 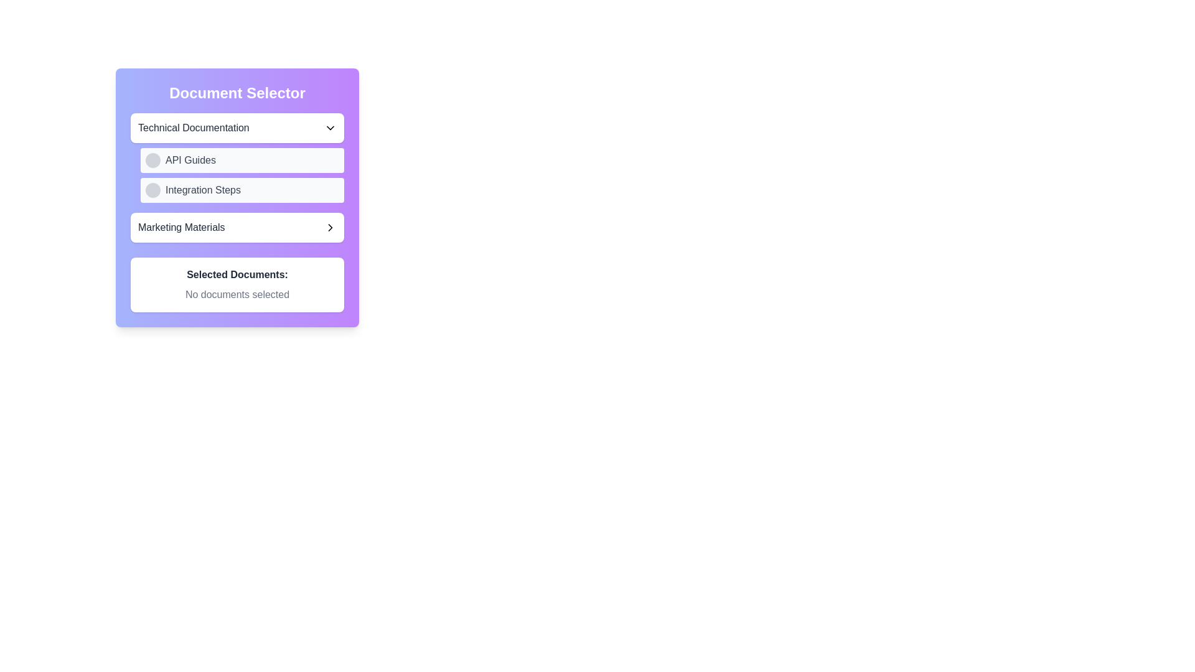 What do you see at coordinates (330, 228) in the screenshot?
I see `the right-facing chevron arrow icon located at the far-right end of the 'Marketing Materials' box` at bounding box center [330, 228].